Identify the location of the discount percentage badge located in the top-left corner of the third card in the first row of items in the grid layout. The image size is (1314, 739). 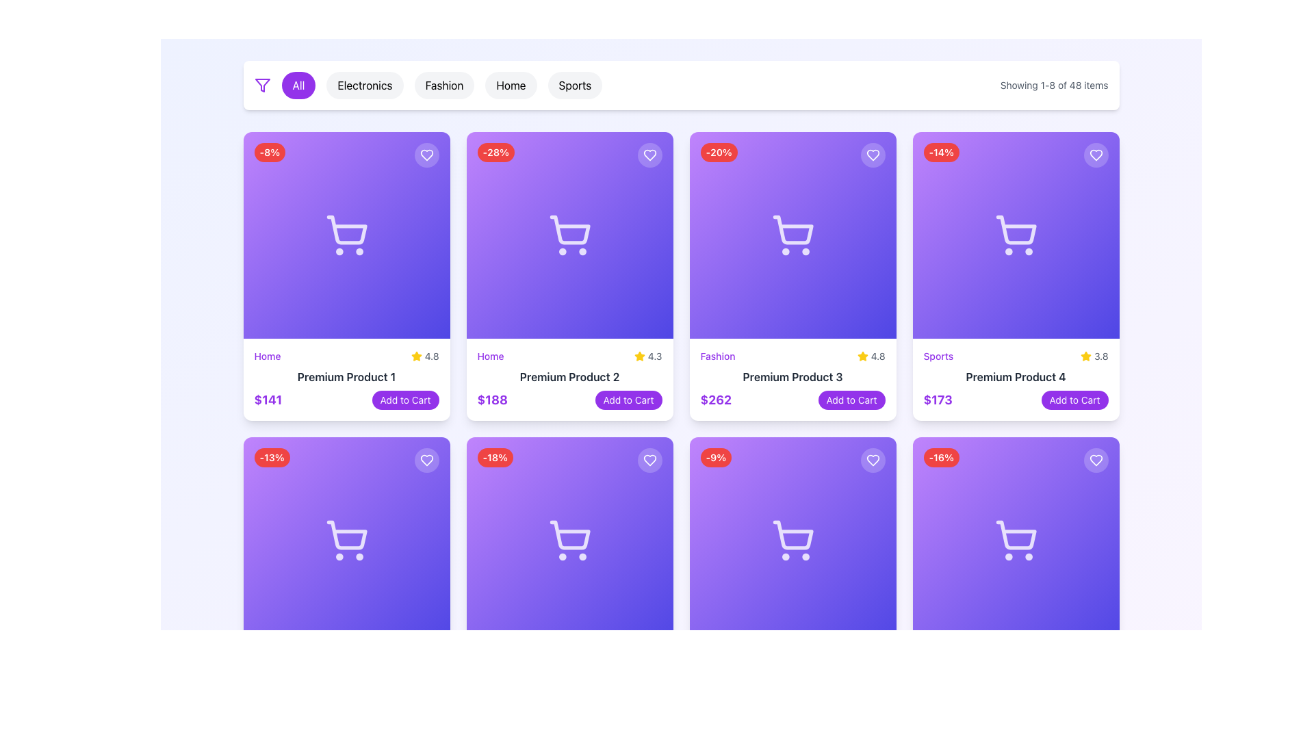
(718, 153).